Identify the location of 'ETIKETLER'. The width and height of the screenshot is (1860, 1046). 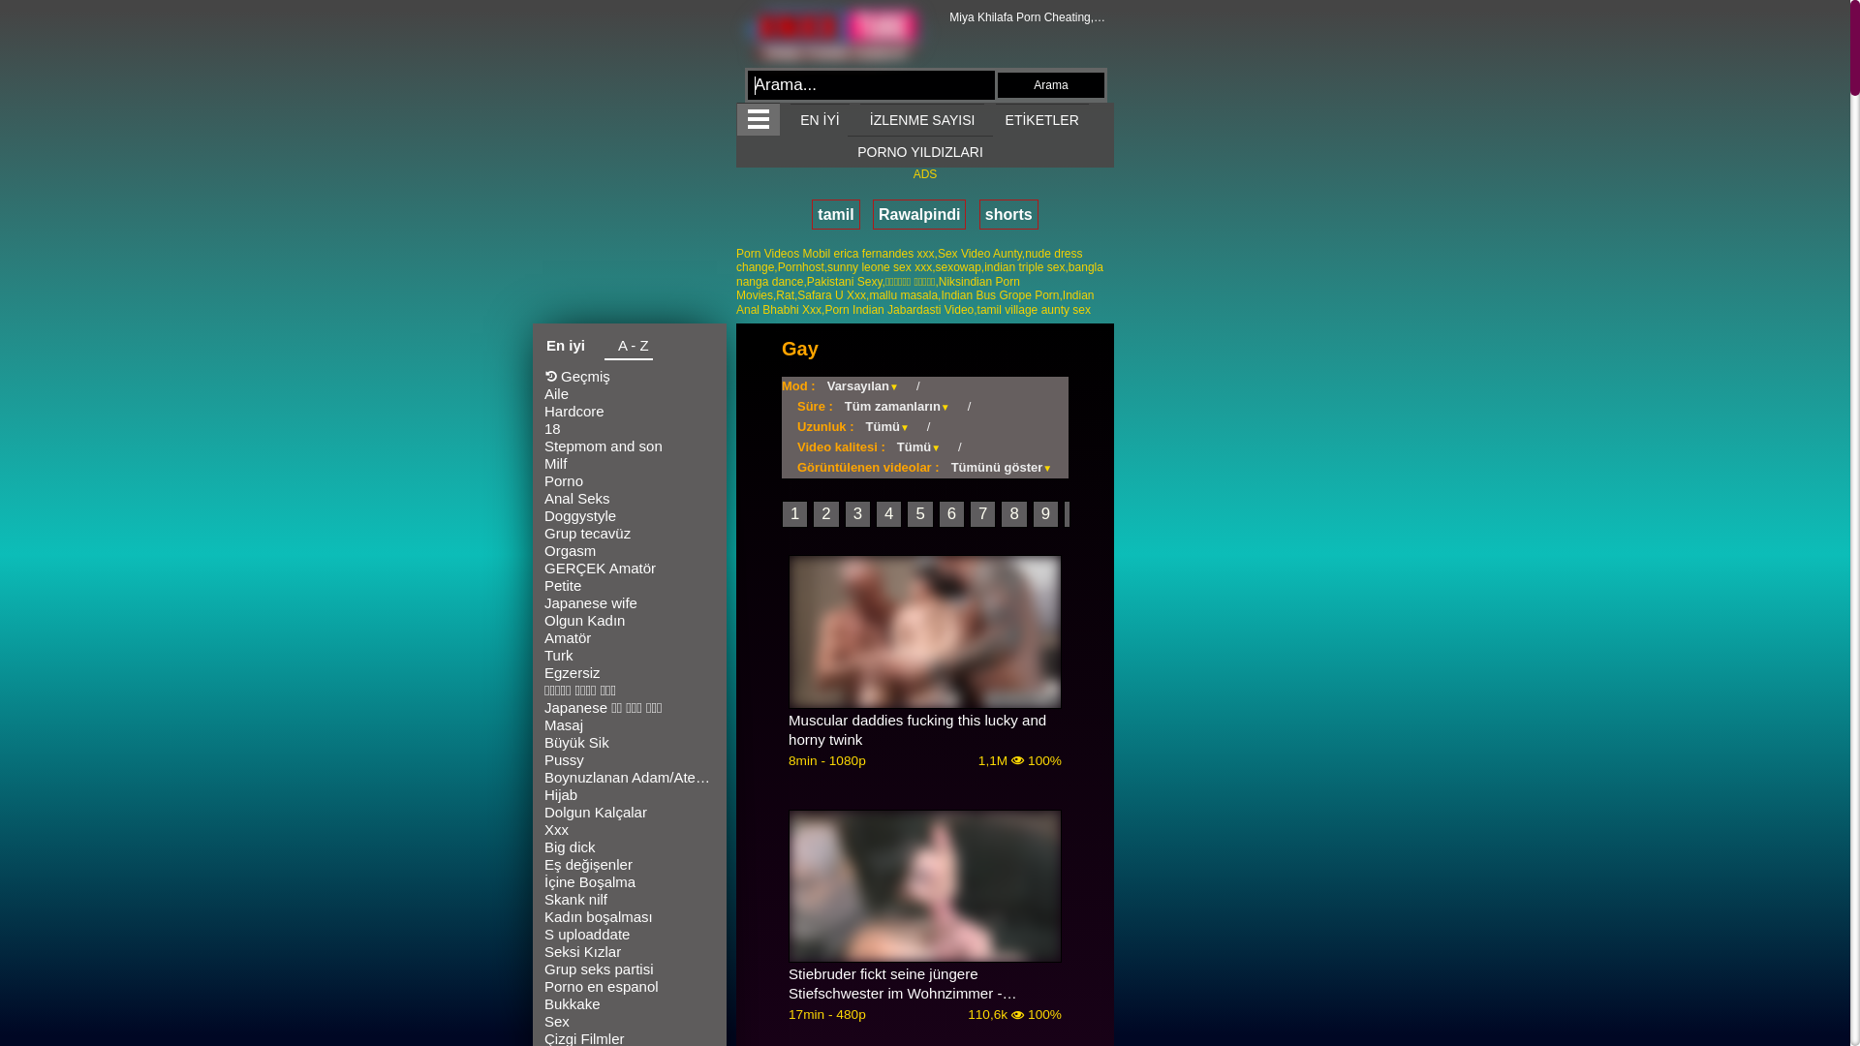
(995, 119).